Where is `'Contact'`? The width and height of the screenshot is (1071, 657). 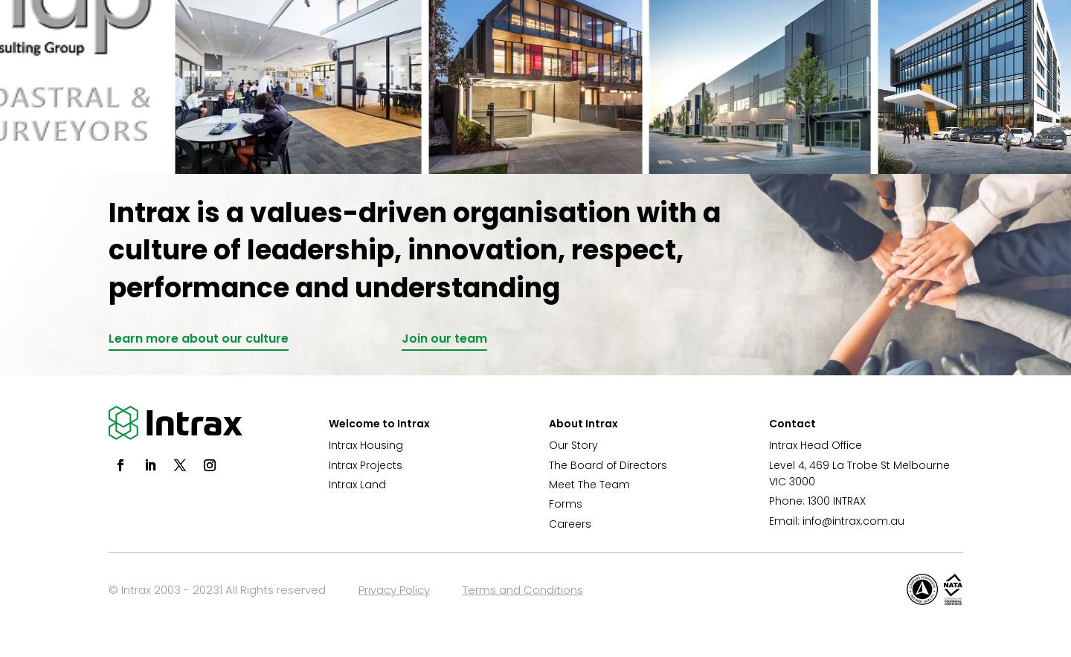
'Contact' is located at coordinates (792, 423).